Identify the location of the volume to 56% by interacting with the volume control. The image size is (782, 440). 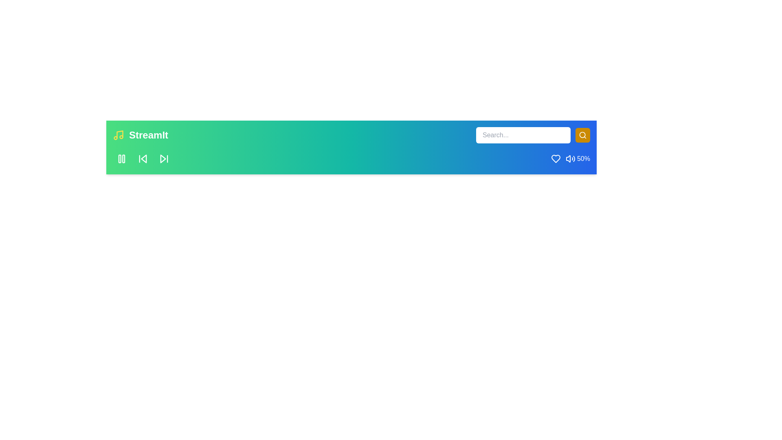
(570, 158).